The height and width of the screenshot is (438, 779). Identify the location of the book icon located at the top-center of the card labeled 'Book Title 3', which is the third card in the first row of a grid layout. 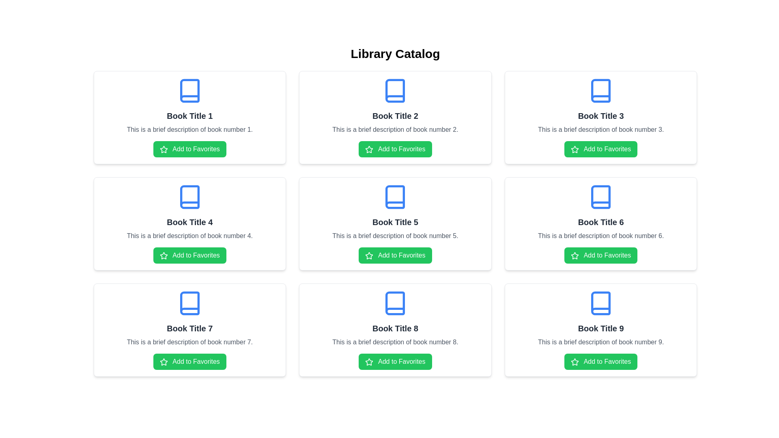
(601, 90).